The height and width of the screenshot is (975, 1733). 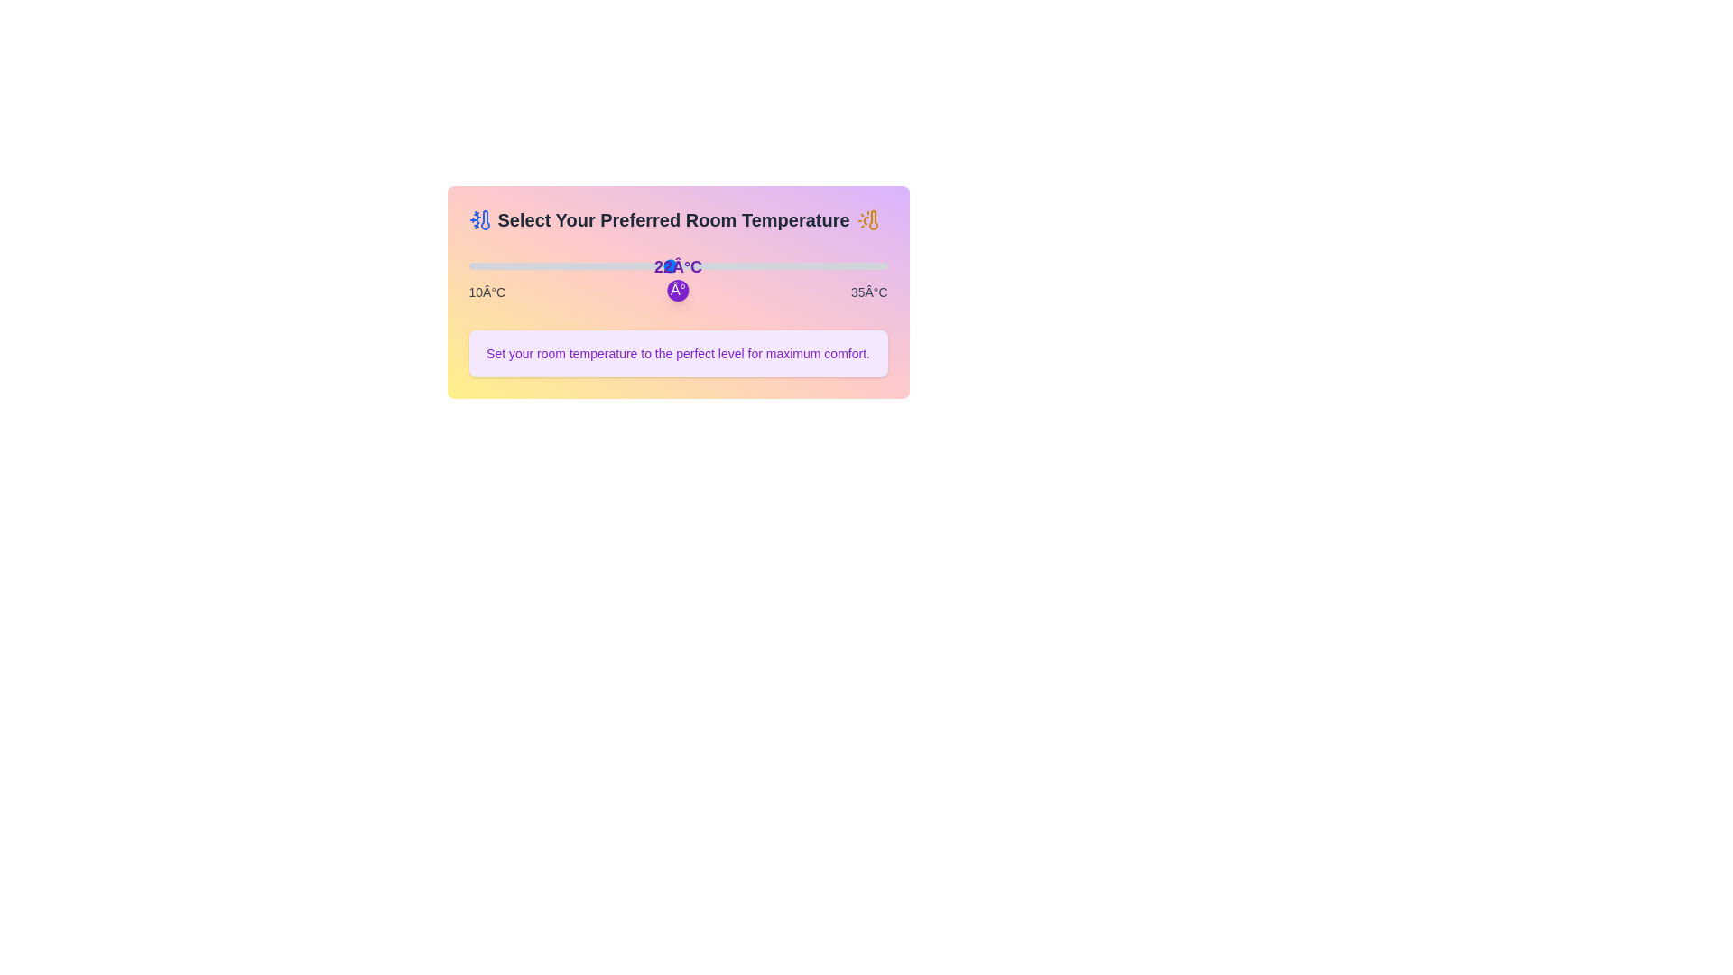 I want to click on the temperature to 23°C by dragging the slider, so click(x=685, y=265).